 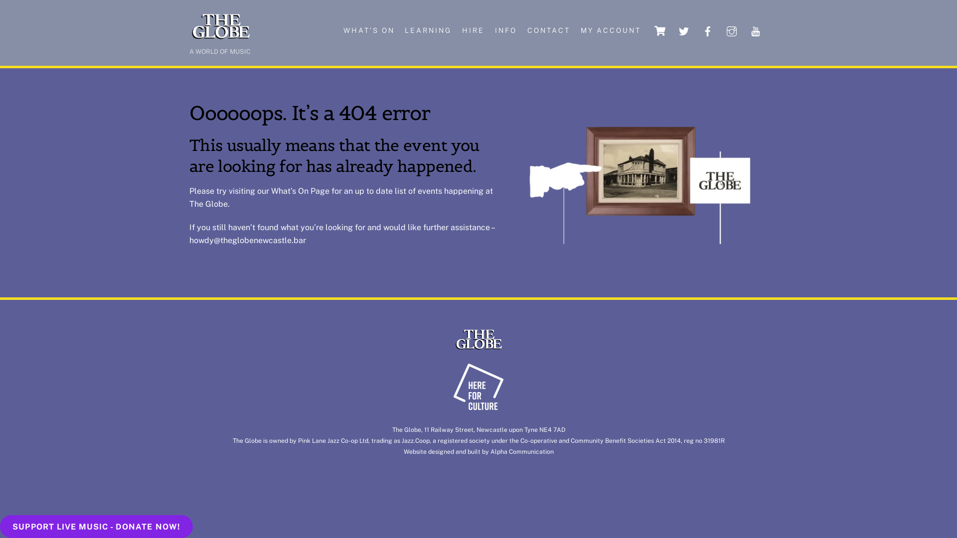 I want to click on 'Alpha Communication', so click(x=521, y=451).